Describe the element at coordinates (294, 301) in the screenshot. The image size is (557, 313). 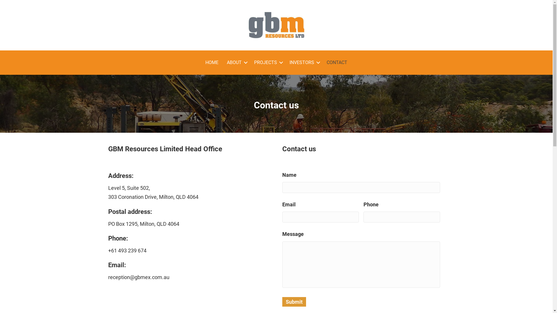
I see `'Submit'` at that location.